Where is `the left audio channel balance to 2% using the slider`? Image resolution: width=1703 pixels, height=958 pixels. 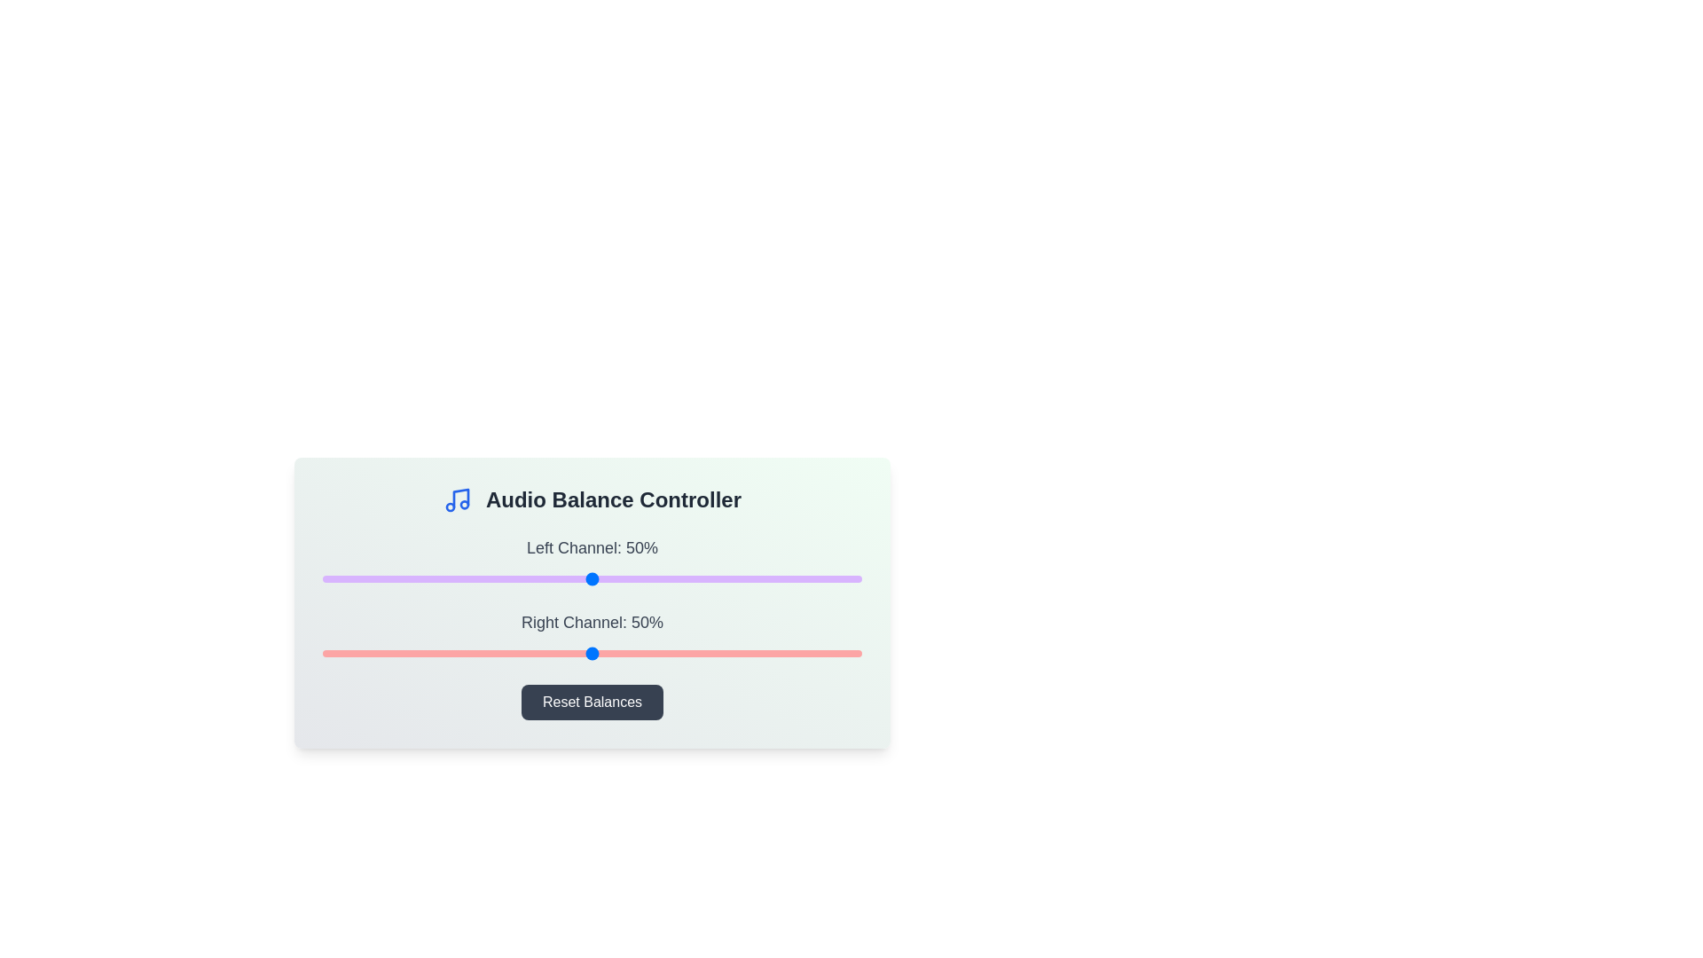 the left audio channel balance to 2% using the slider is located at coordinates (334, 578).